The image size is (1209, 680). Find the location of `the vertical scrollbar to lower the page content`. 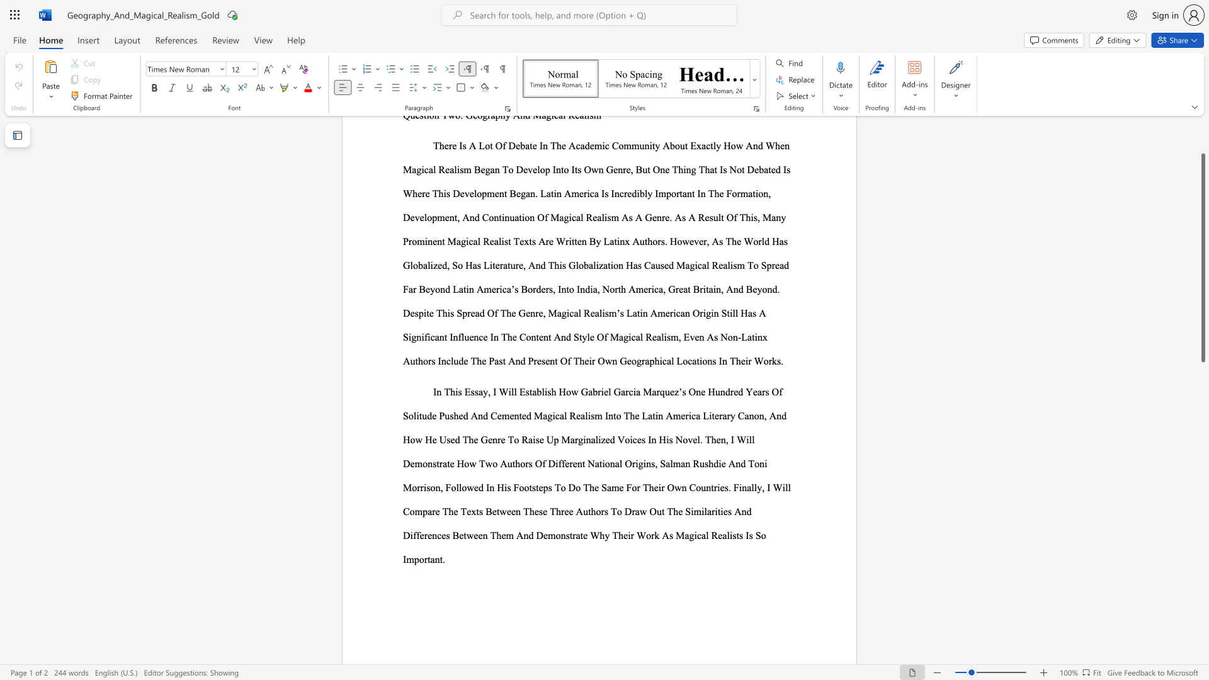

the vertical scrollbar to lower the page content is located at coordinates (1202, 560).